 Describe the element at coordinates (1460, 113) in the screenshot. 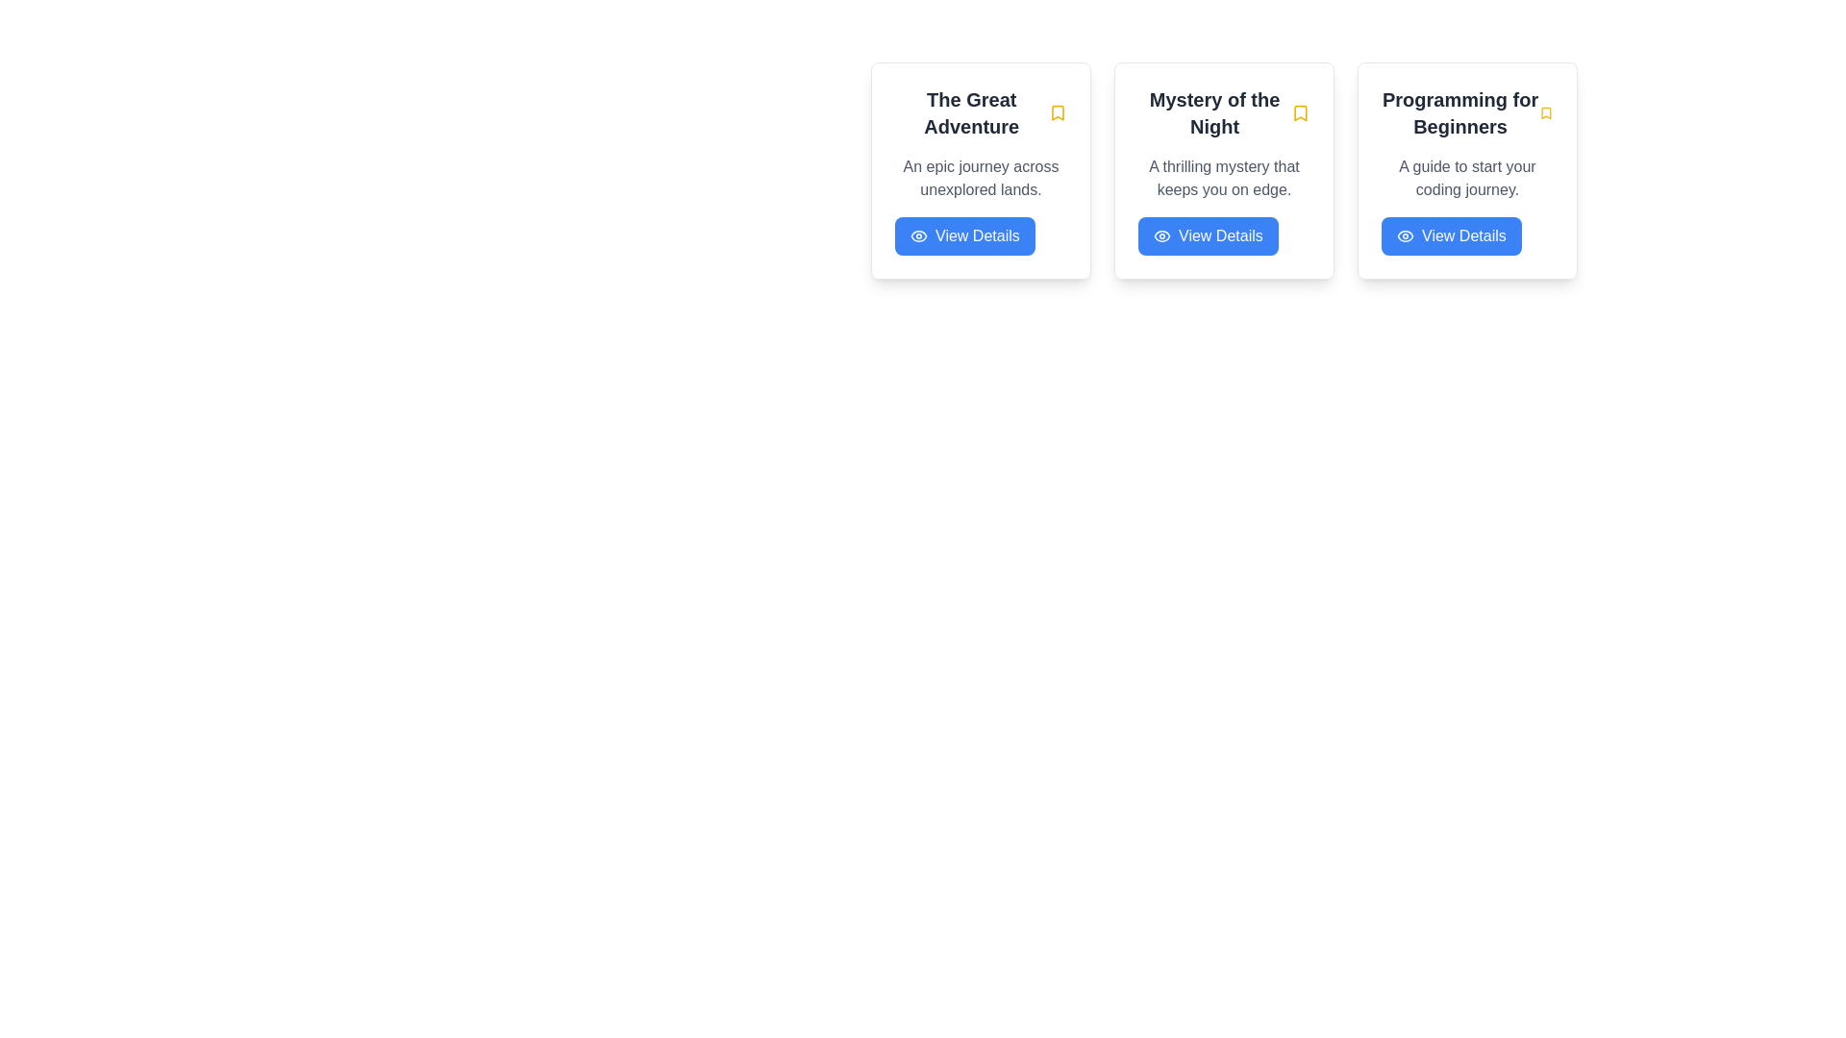

I see `text of the title label located in the rightmost card of a row of three cards, which indicates the main topic of the card's content` at that location.